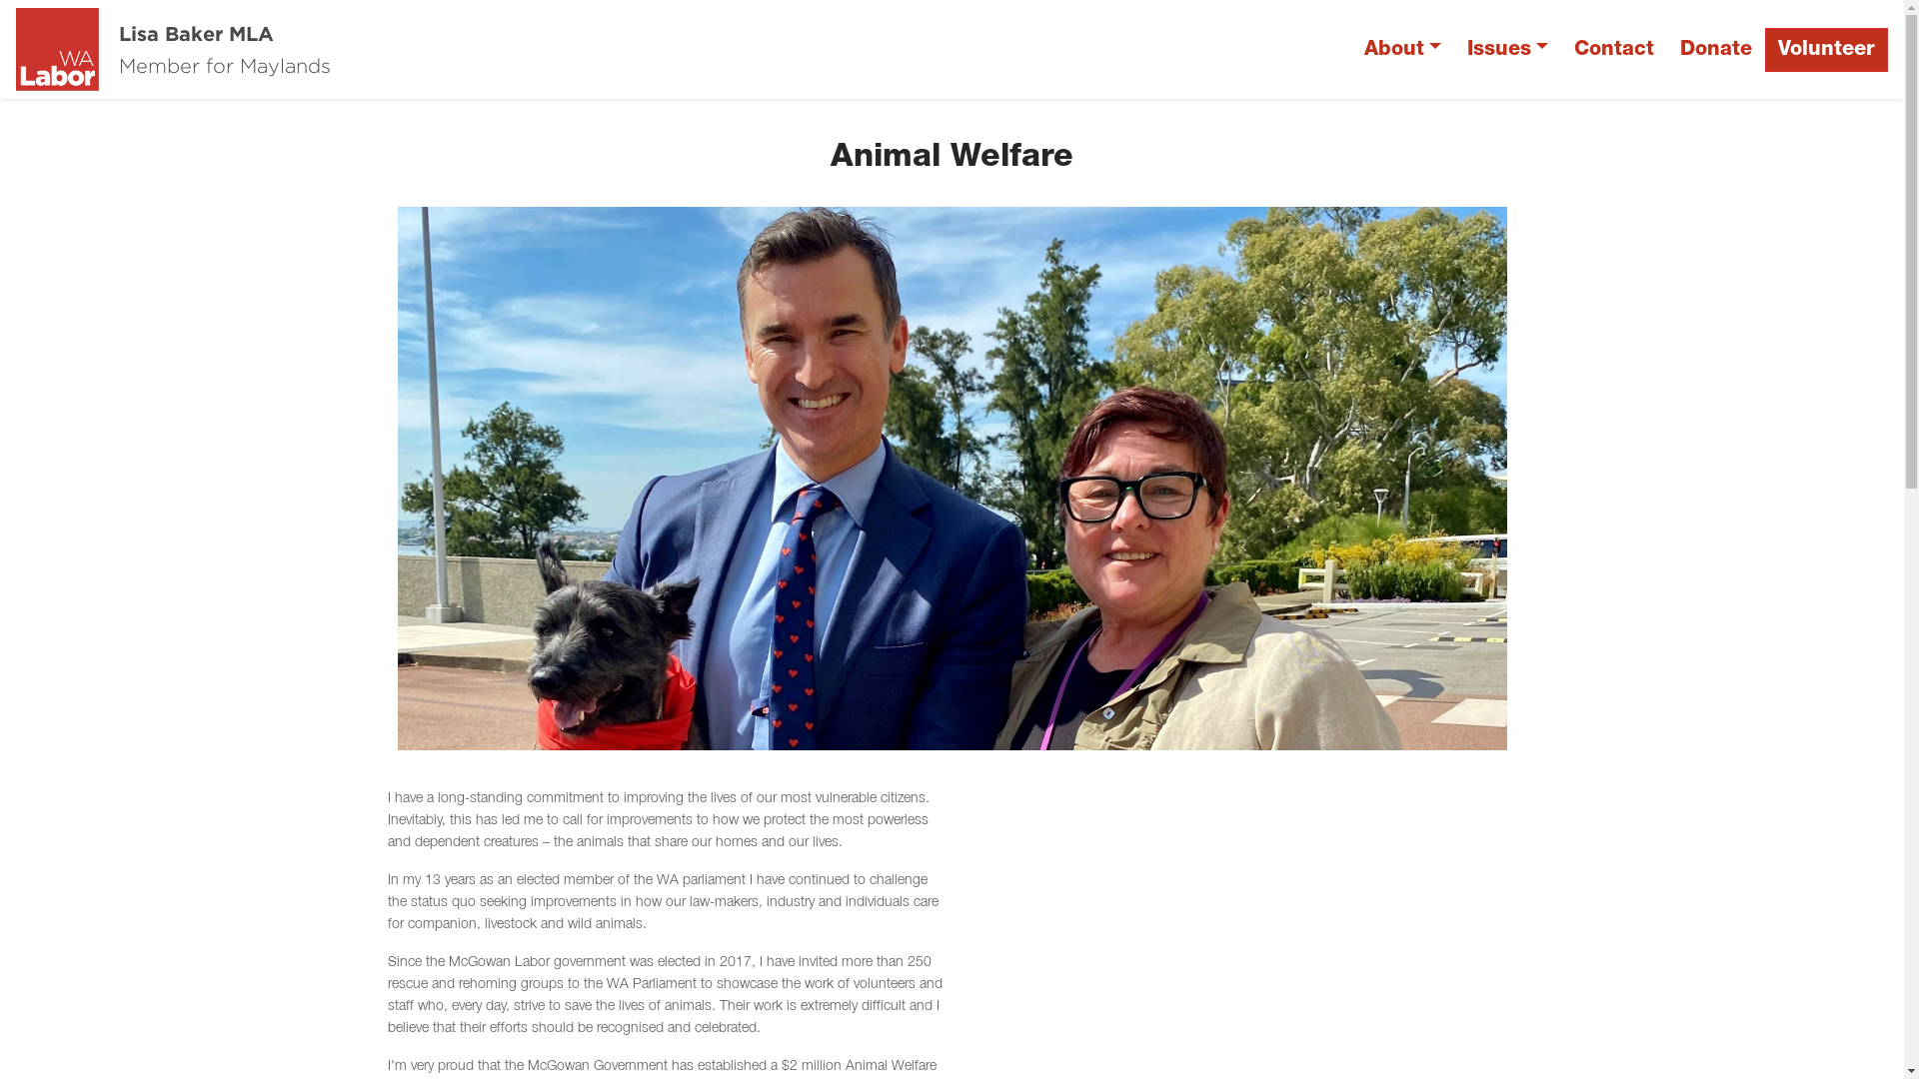 The width and height of the screenshot is (1919, 1079). Describe the element at coordinates (1559, 49) in the screenshot. I see `'Contact'` at that location.